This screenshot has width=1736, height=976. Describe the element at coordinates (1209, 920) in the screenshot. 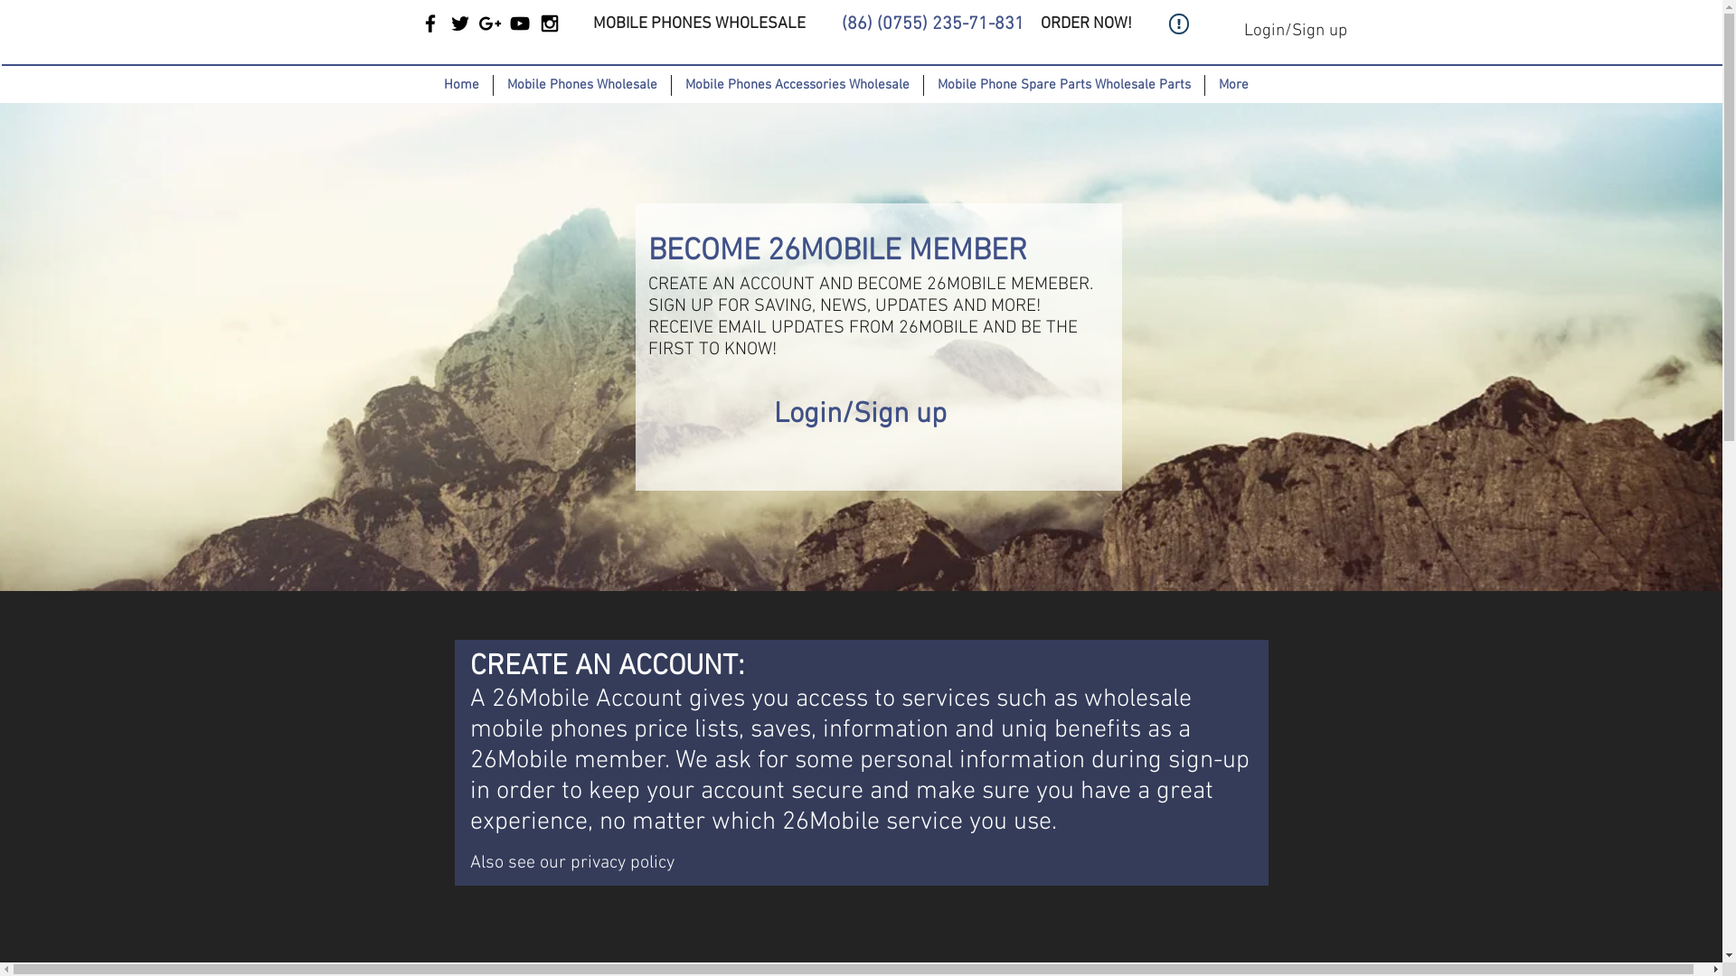

I see `'Back to Top'` at that location.